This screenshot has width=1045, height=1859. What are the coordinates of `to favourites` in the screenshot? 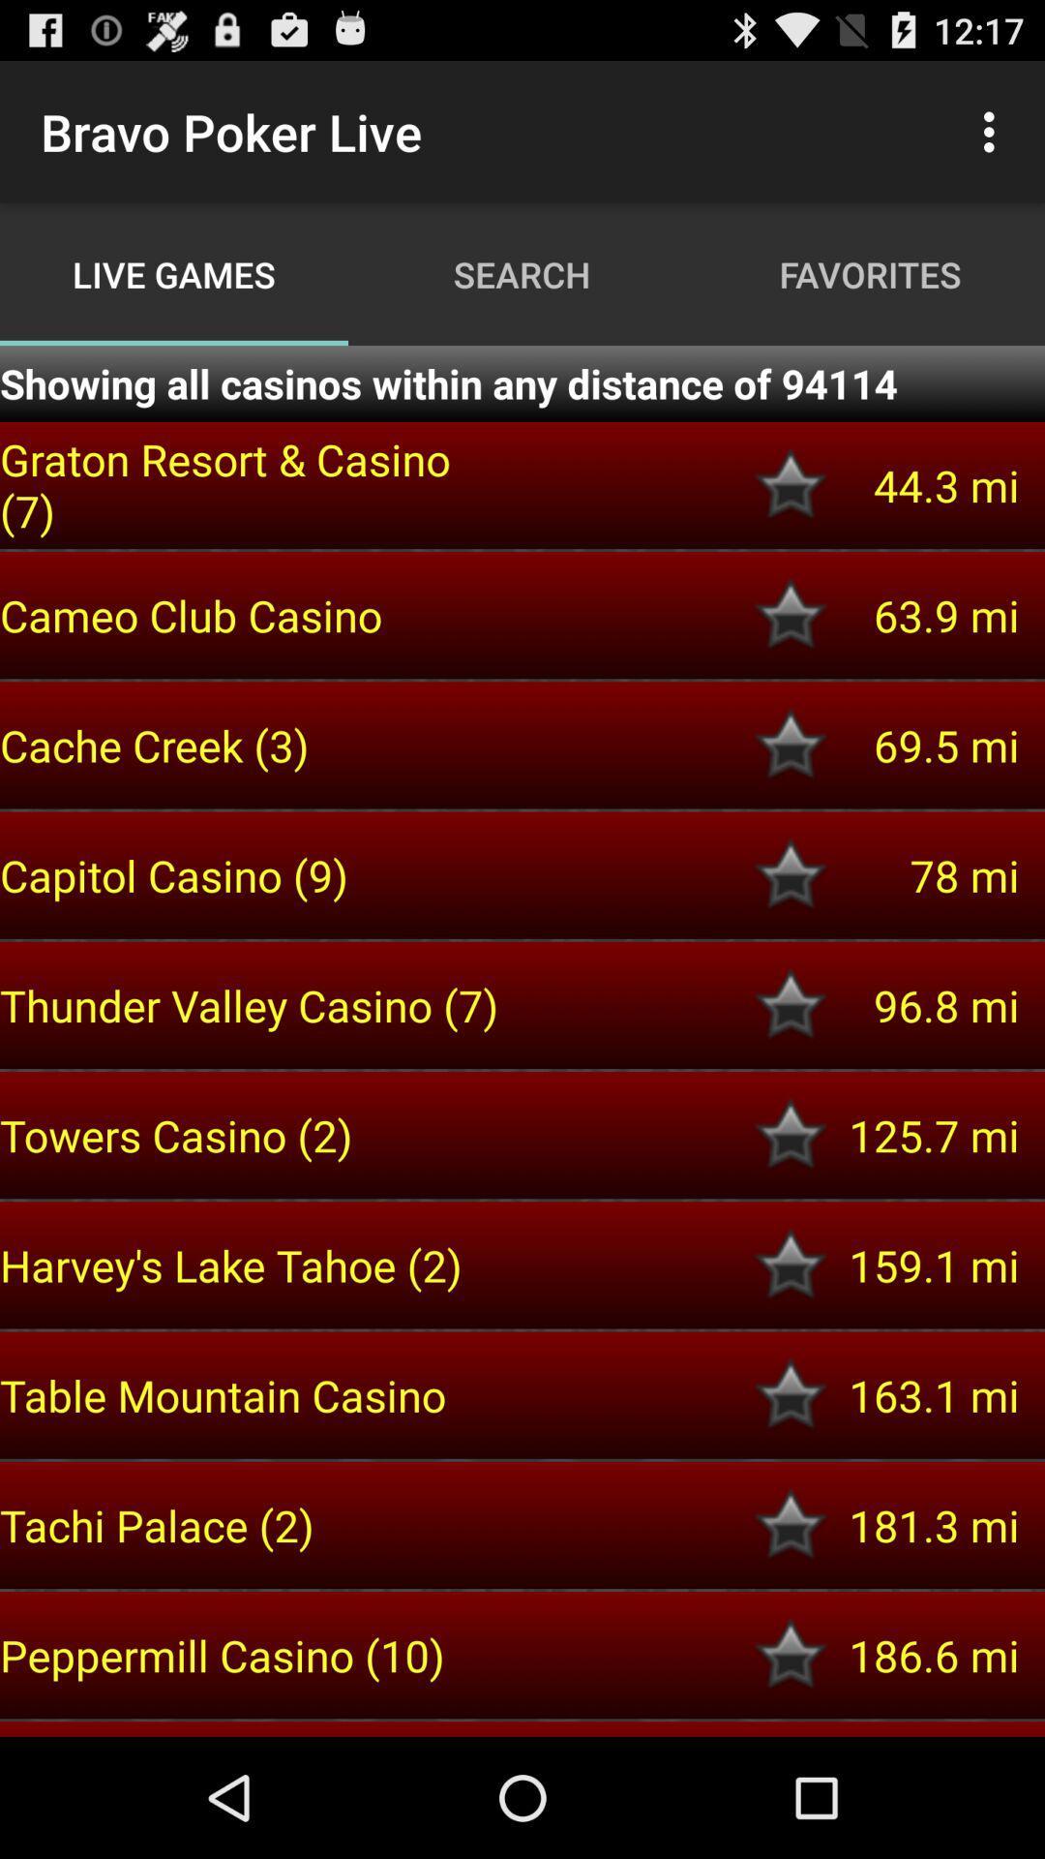 It's located at (791, 1265).